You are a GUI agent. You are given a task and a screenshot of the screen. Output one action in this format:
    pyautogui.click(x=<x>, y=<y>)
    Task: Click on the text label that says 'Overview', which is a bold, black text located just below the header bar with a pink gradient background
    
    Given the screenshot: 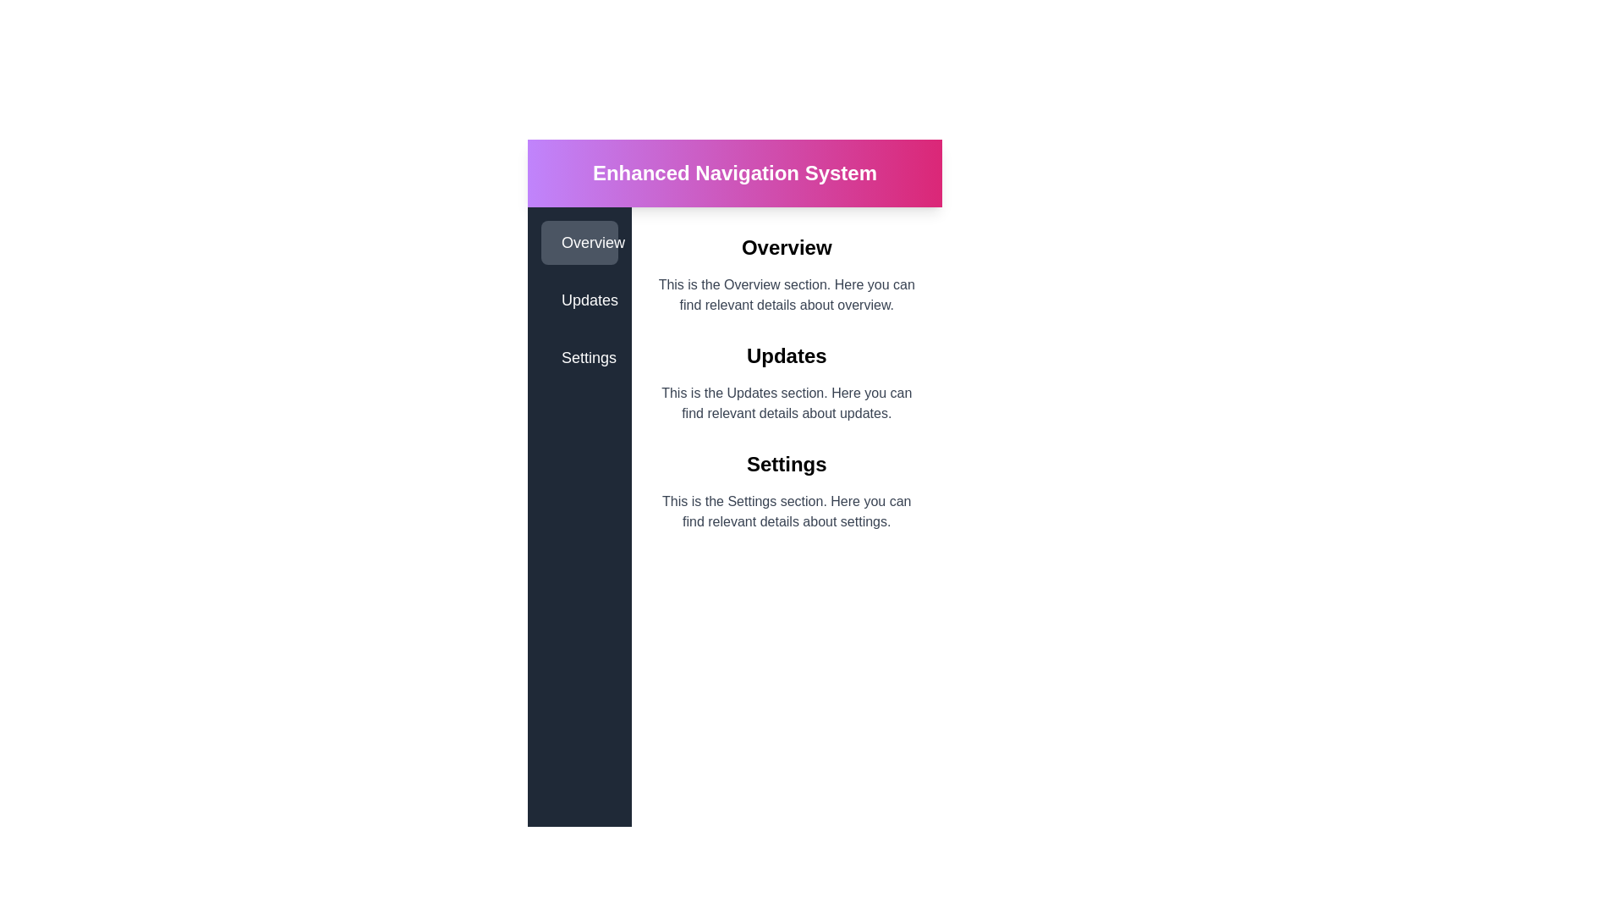 What is the action you would take?
    pyautogui.click(x=786, y=248)
    